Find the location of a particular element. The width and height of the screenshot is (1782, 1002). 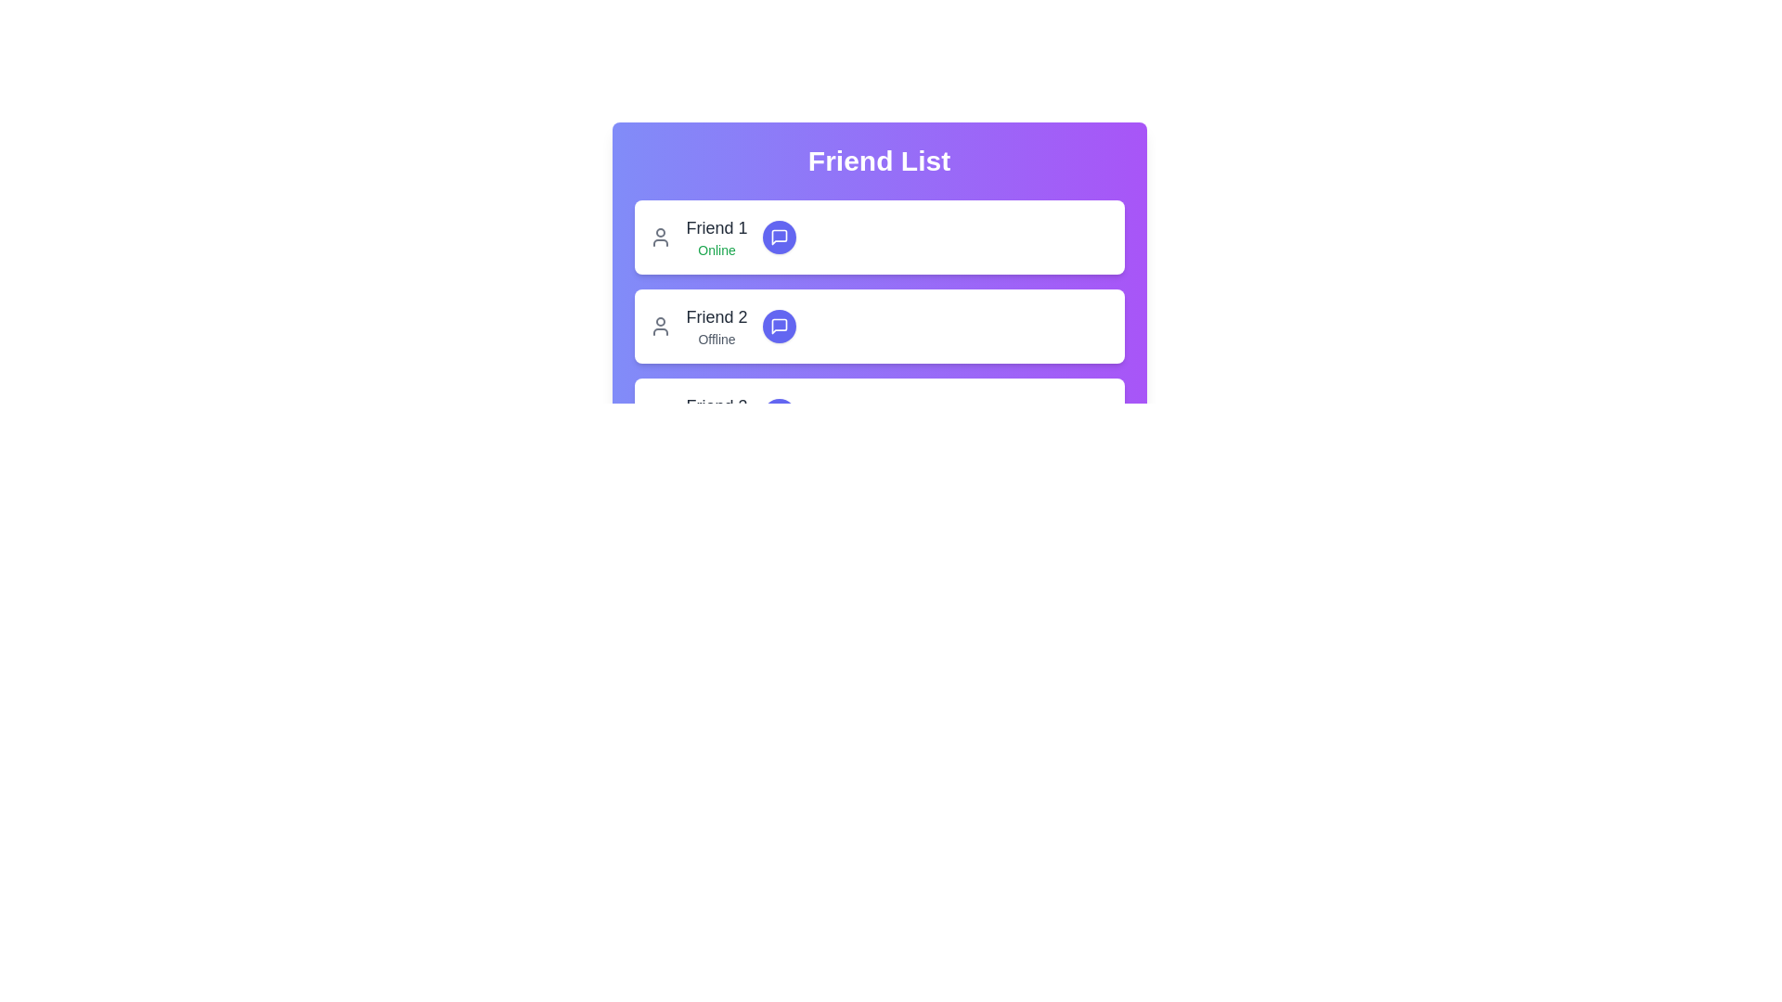

the user icon in the 'Friend 2' card located at the top-left corner adjacent to the left border is located at coordinates (660, 325).